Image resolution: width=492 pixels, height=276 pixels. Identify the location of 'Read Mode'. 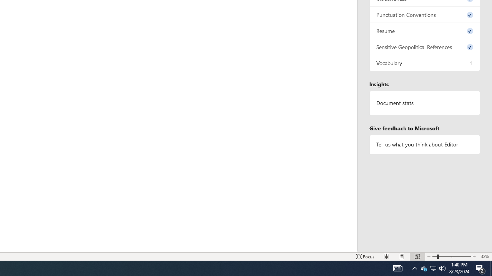
(387, 256).